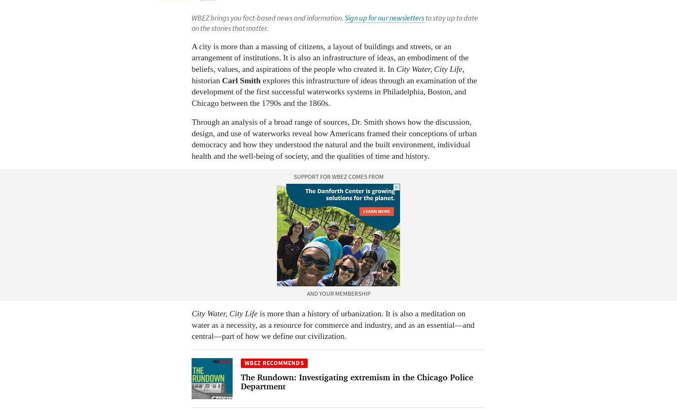 This screenshot has width=677, height=409. Describe the element at coordinates (191, 17) in the screenshot. I see `'WBEZ brings you fact-based news and information.'` at that location.